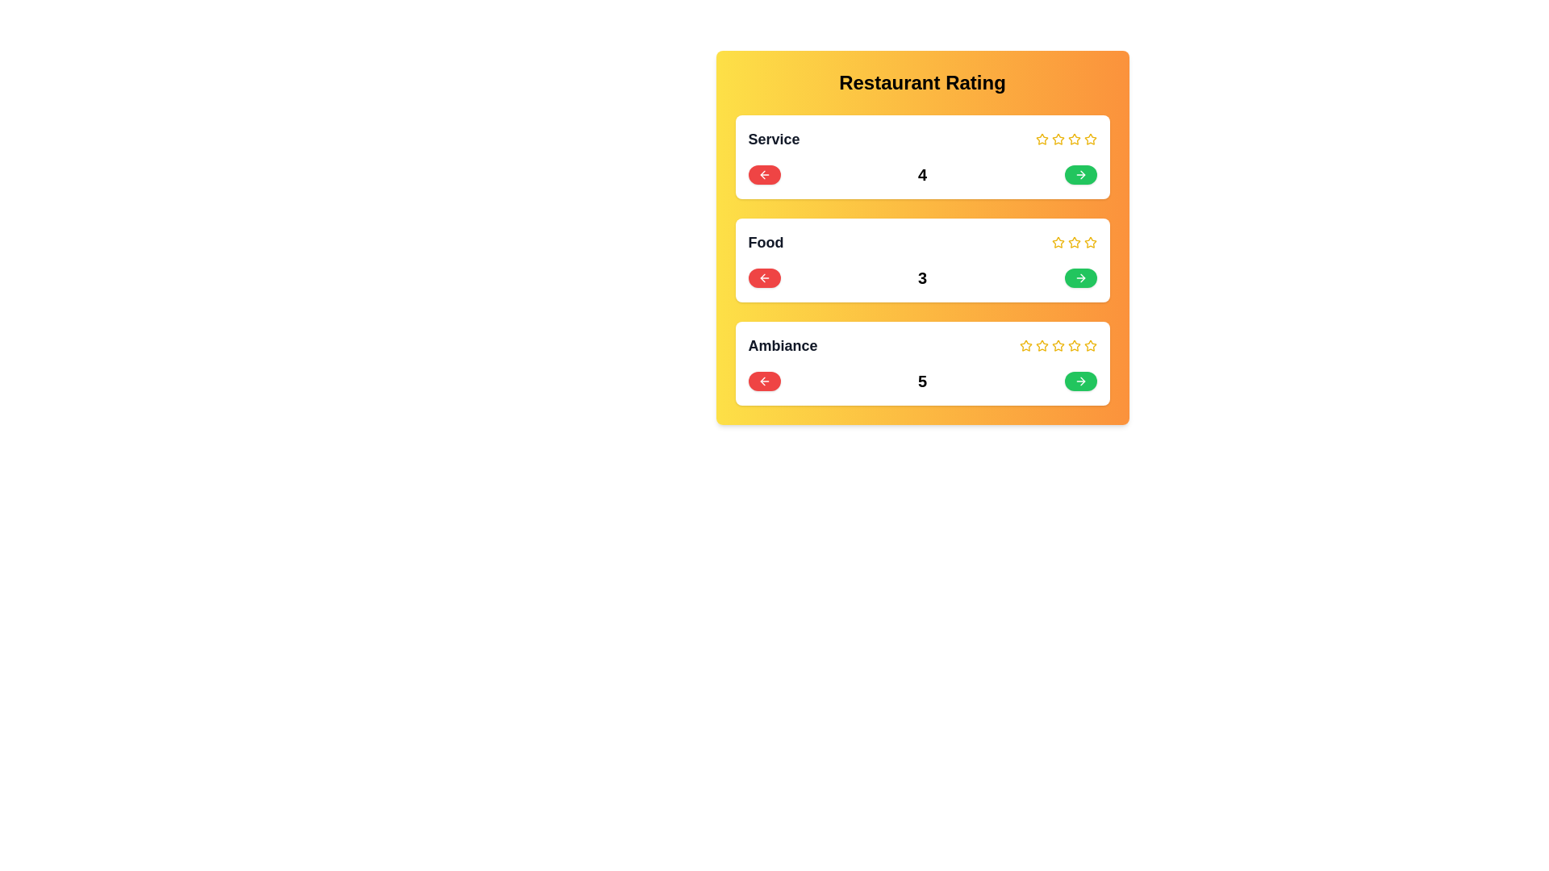 The height and width of the screenshot is (871, 1549). Describe the element at coordinates (1058, 344) in the screenshot. I see `the third star in the rating system for the 'Ambiance' category` at that location.